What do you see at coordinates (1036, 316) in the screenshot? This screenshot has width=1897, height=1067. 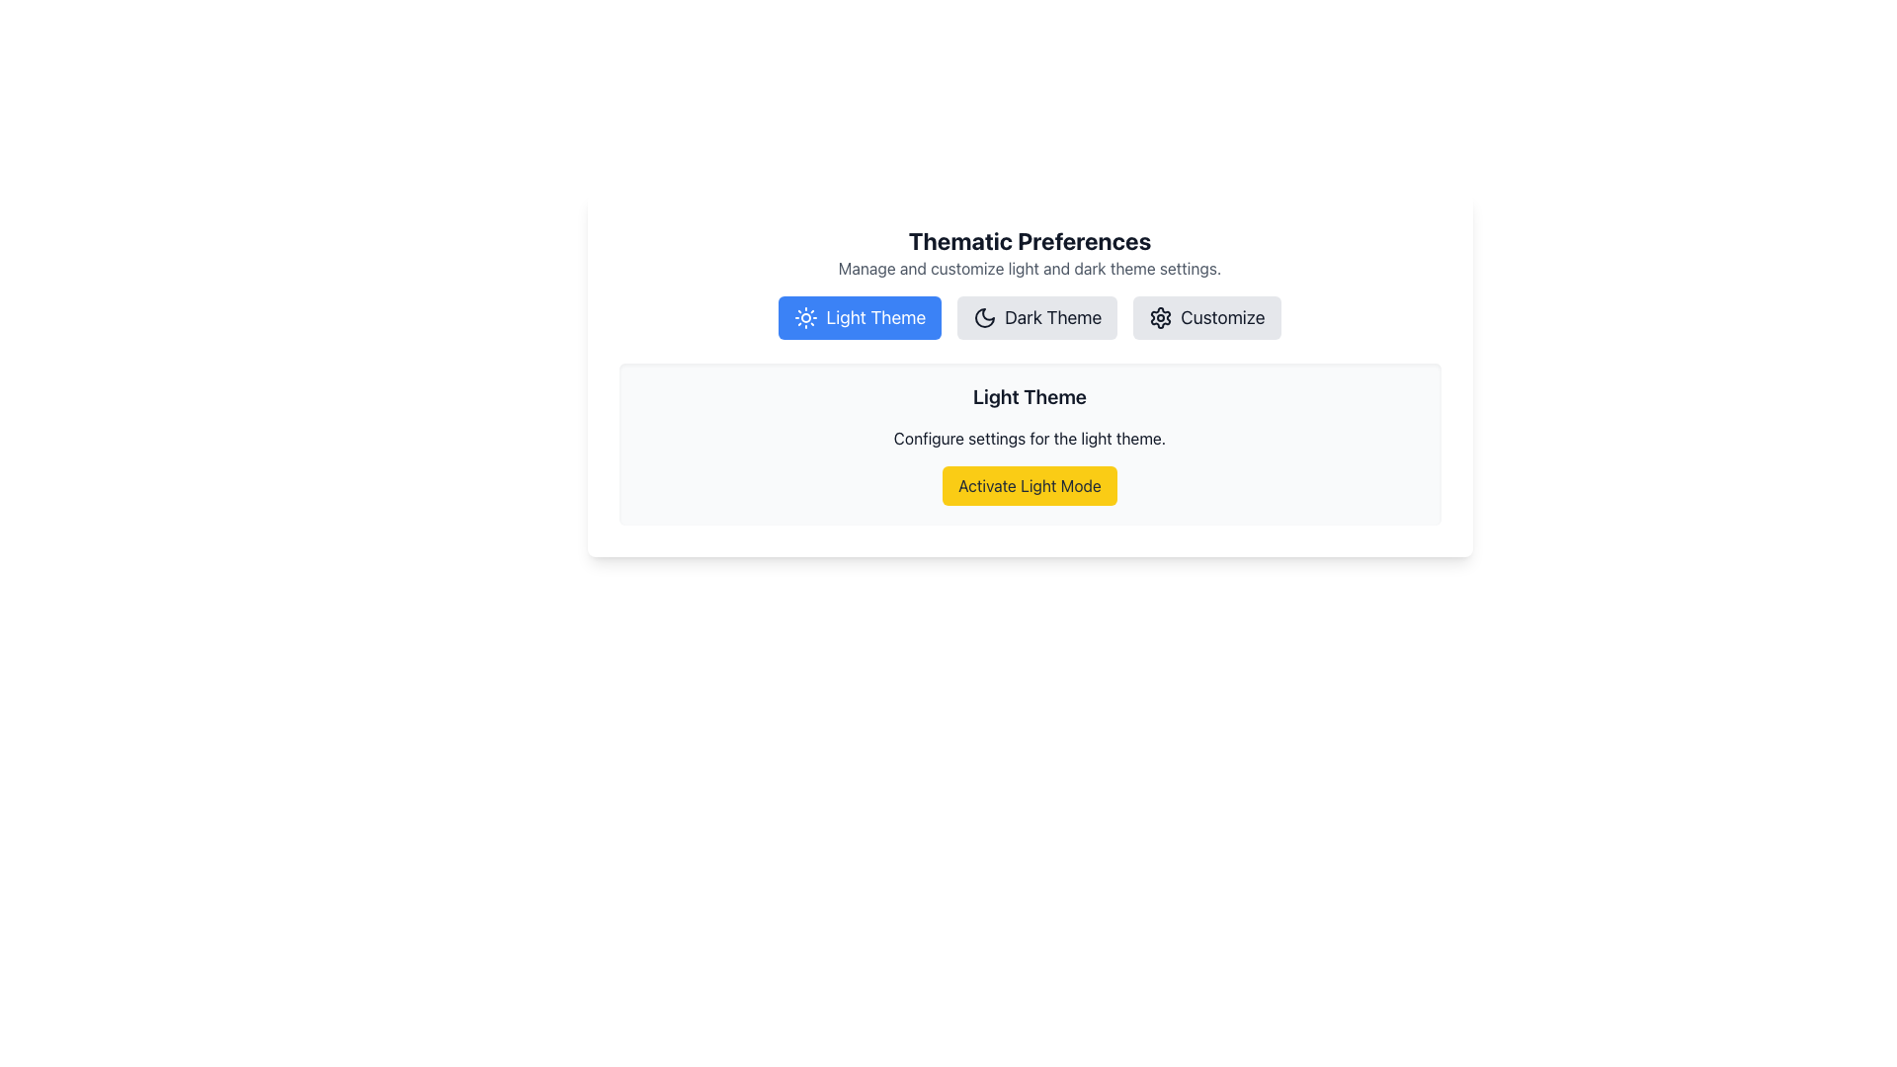 I see `the toggle button for the dark theme setting, located in the center of the three buttons aligned horizontally beneath the title 'Thematic Preferences'` at bounding box center [1036, 316].